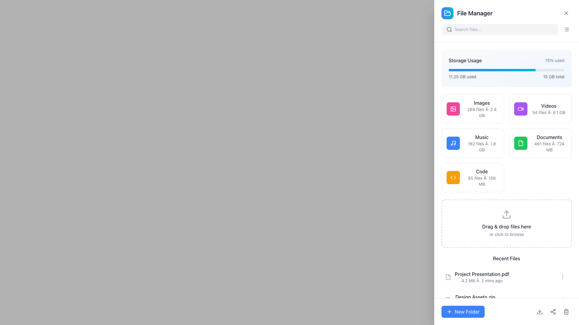  Describe the element at coordinates (507, 277) in the screenshot. I see `the file entry located at the top of the 'Recent Files' section to view additional options` at that location.